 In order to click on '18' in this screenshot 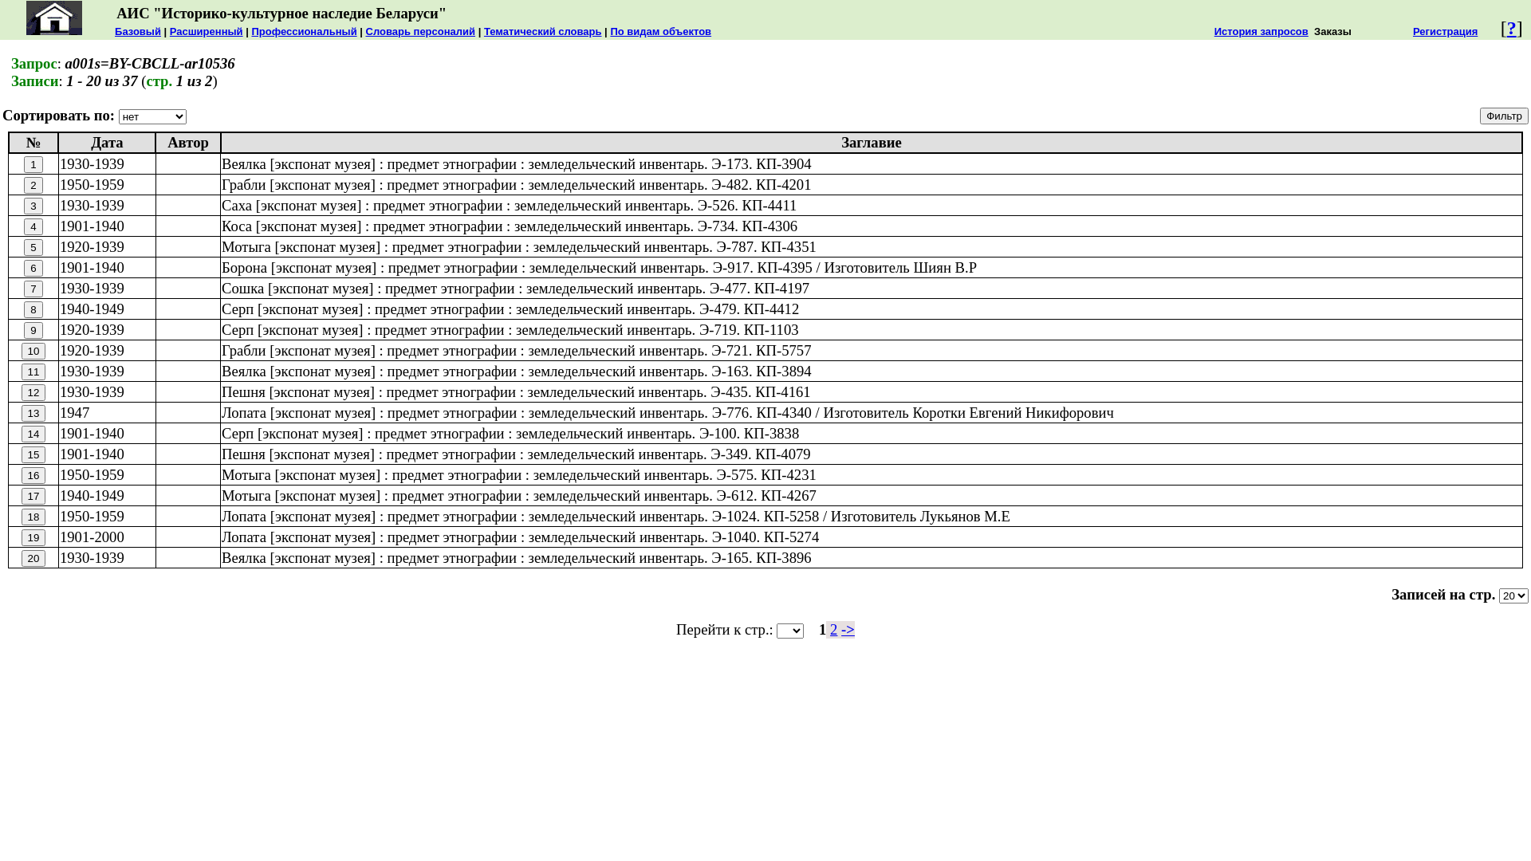, I will do `click(33, 517)`.